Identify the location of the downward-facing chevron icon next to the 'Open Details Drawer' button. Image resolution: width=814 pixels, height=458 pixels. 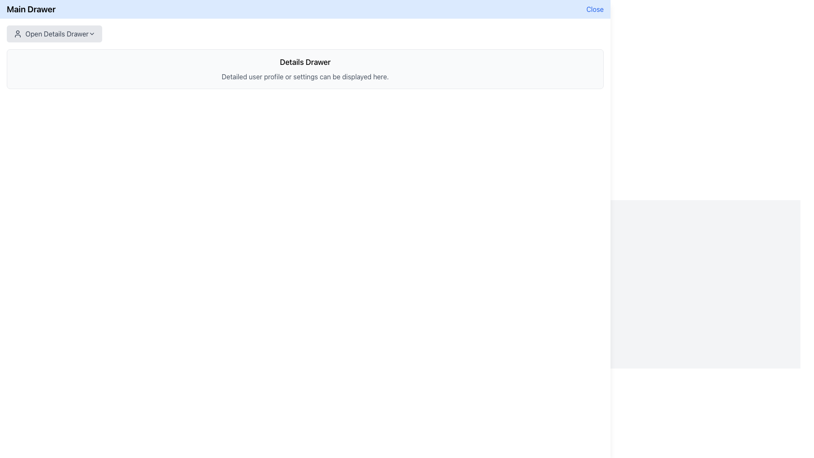
(92, 34).